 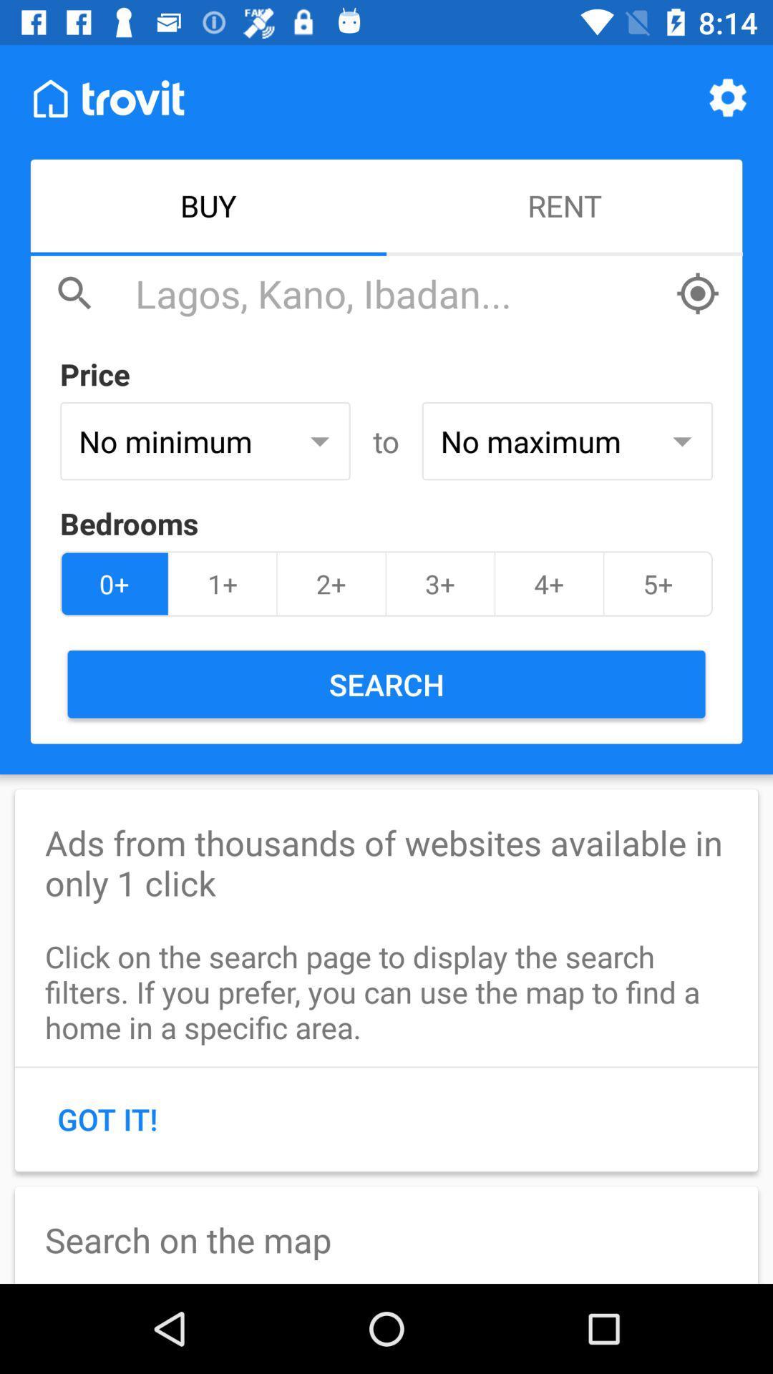 What do you see at coordinates (331, 584) in the screenshot?
I see `the 2+` at bounding box center [331, 584].